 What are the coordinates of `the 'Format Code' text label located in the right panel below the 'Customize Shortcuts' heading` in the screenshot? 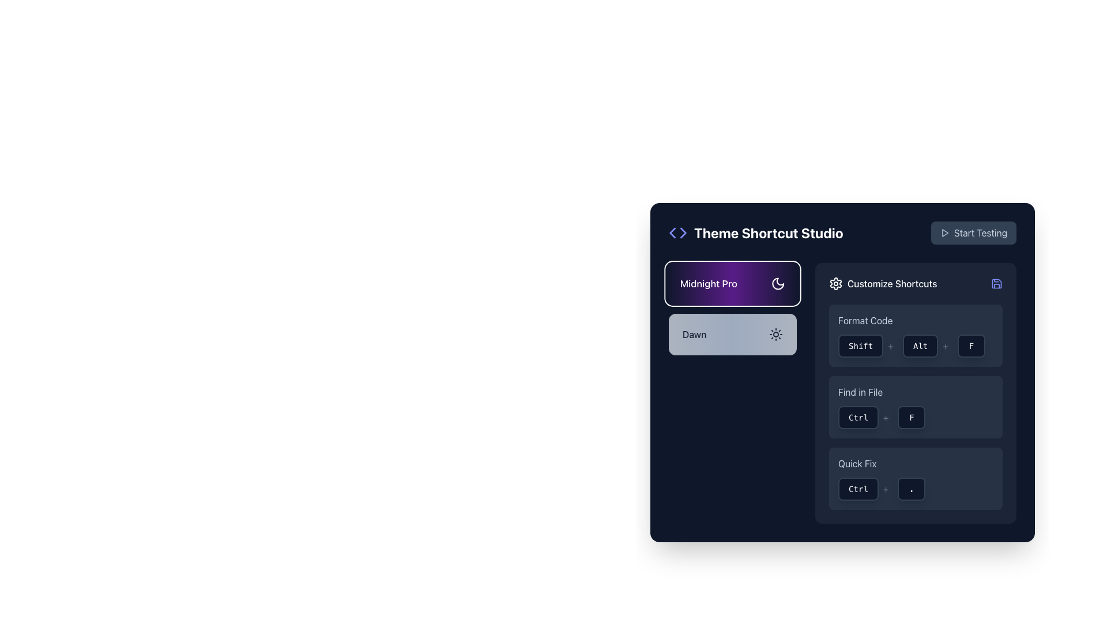 It's located at (865, 320).